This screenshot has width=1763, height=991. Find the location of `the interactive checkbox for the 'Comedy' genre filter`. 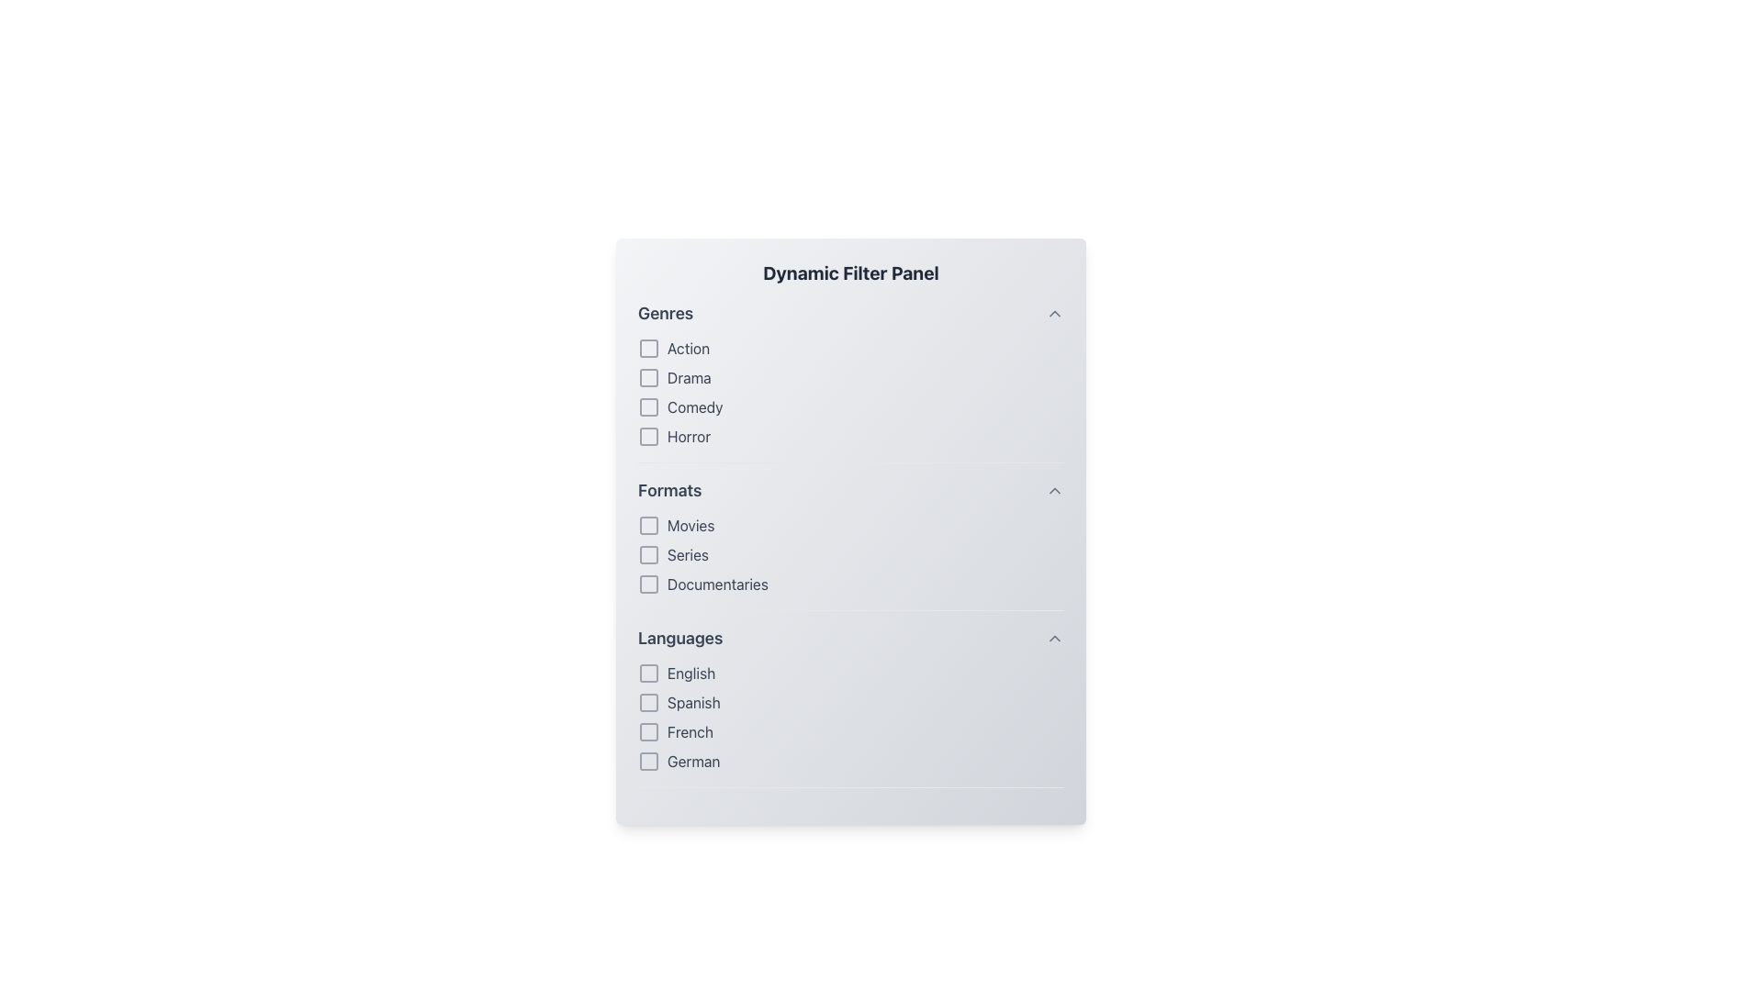

the interactive checkbox for the 'Comedy' genre filter is located at coordinates (648, 406).